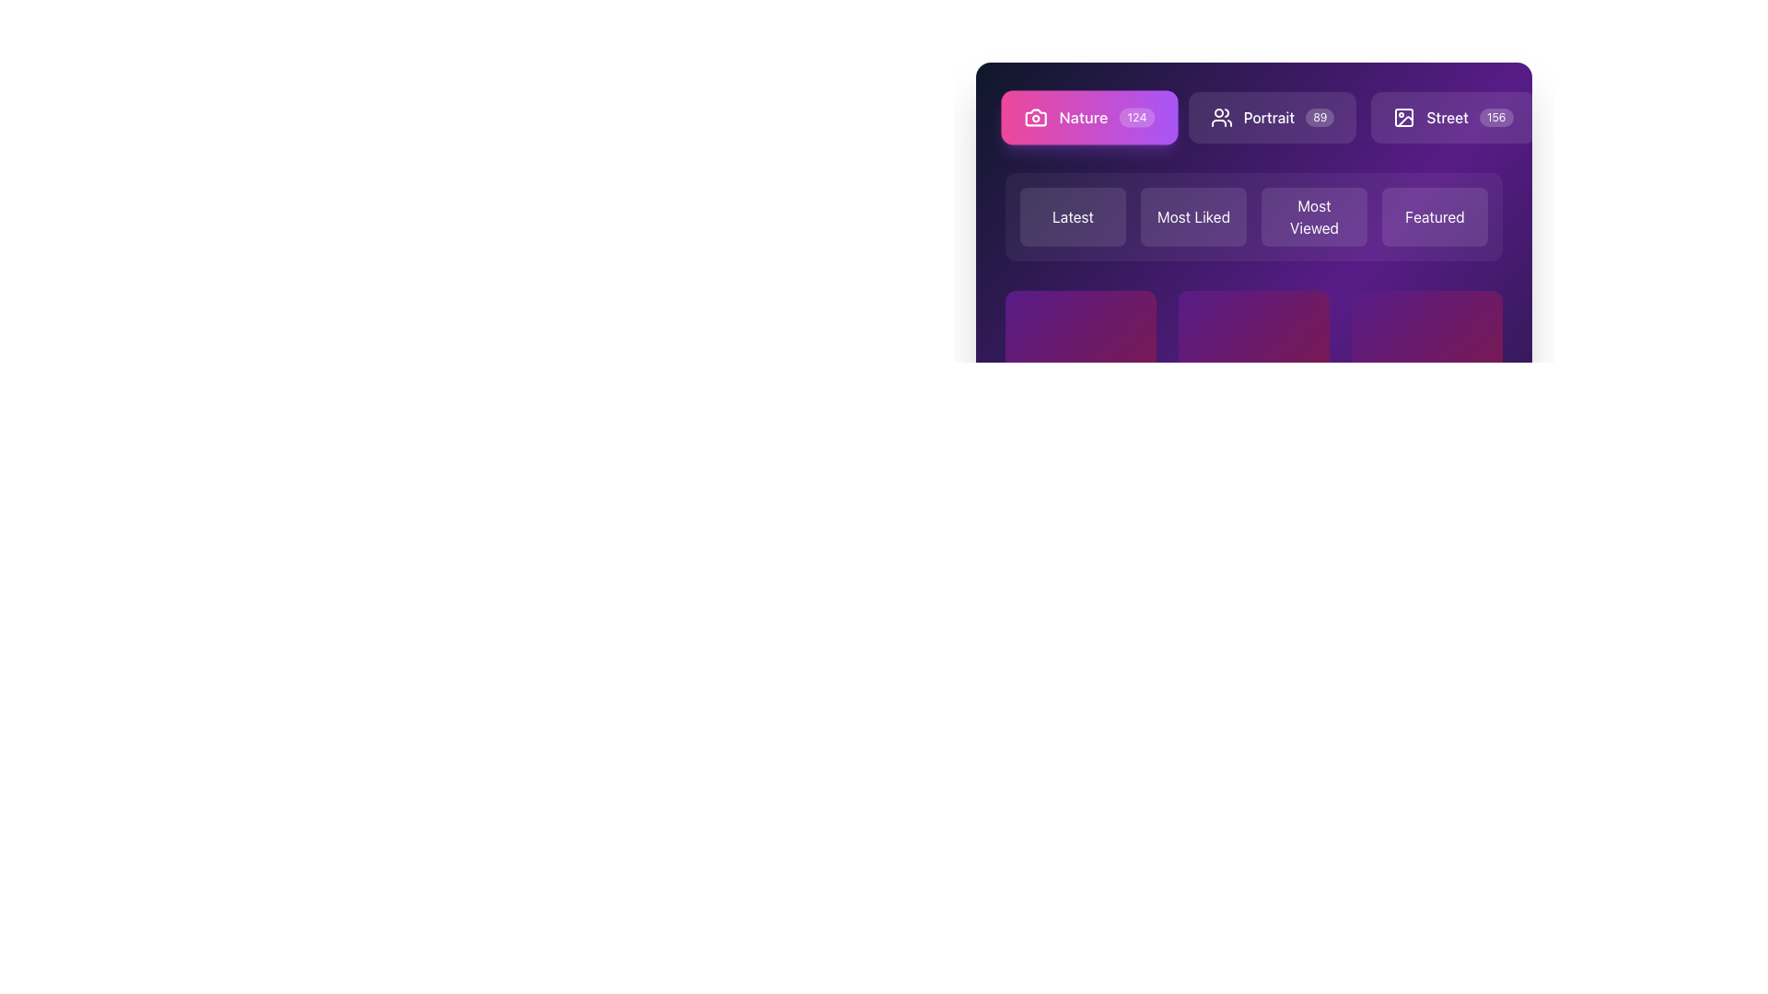 The width and height of the screenshot is (1768, 994). Describe the element at coordinates (1073, 215) in the screenshot. I see `the category selector button located in the top-left quadrant of the interface` at that location.